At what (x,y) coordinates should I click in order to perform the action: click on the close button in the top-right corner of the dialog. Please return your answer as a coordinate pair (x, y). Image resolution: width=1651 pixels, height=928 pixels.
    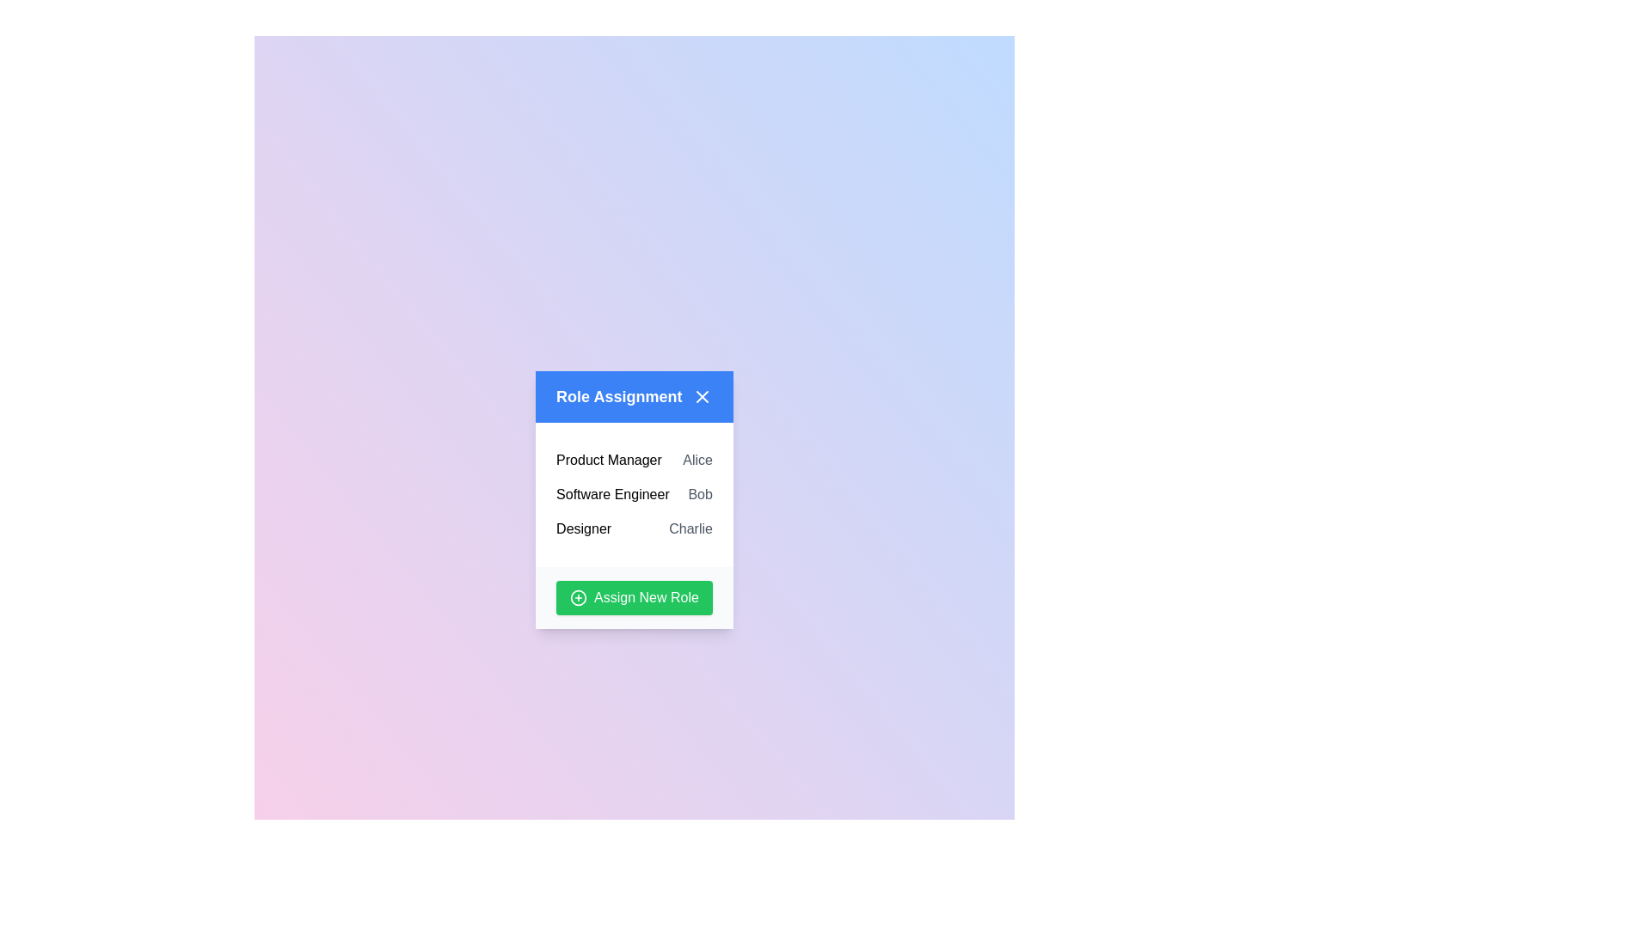
    Looking at the image, I should click on (702, 397).